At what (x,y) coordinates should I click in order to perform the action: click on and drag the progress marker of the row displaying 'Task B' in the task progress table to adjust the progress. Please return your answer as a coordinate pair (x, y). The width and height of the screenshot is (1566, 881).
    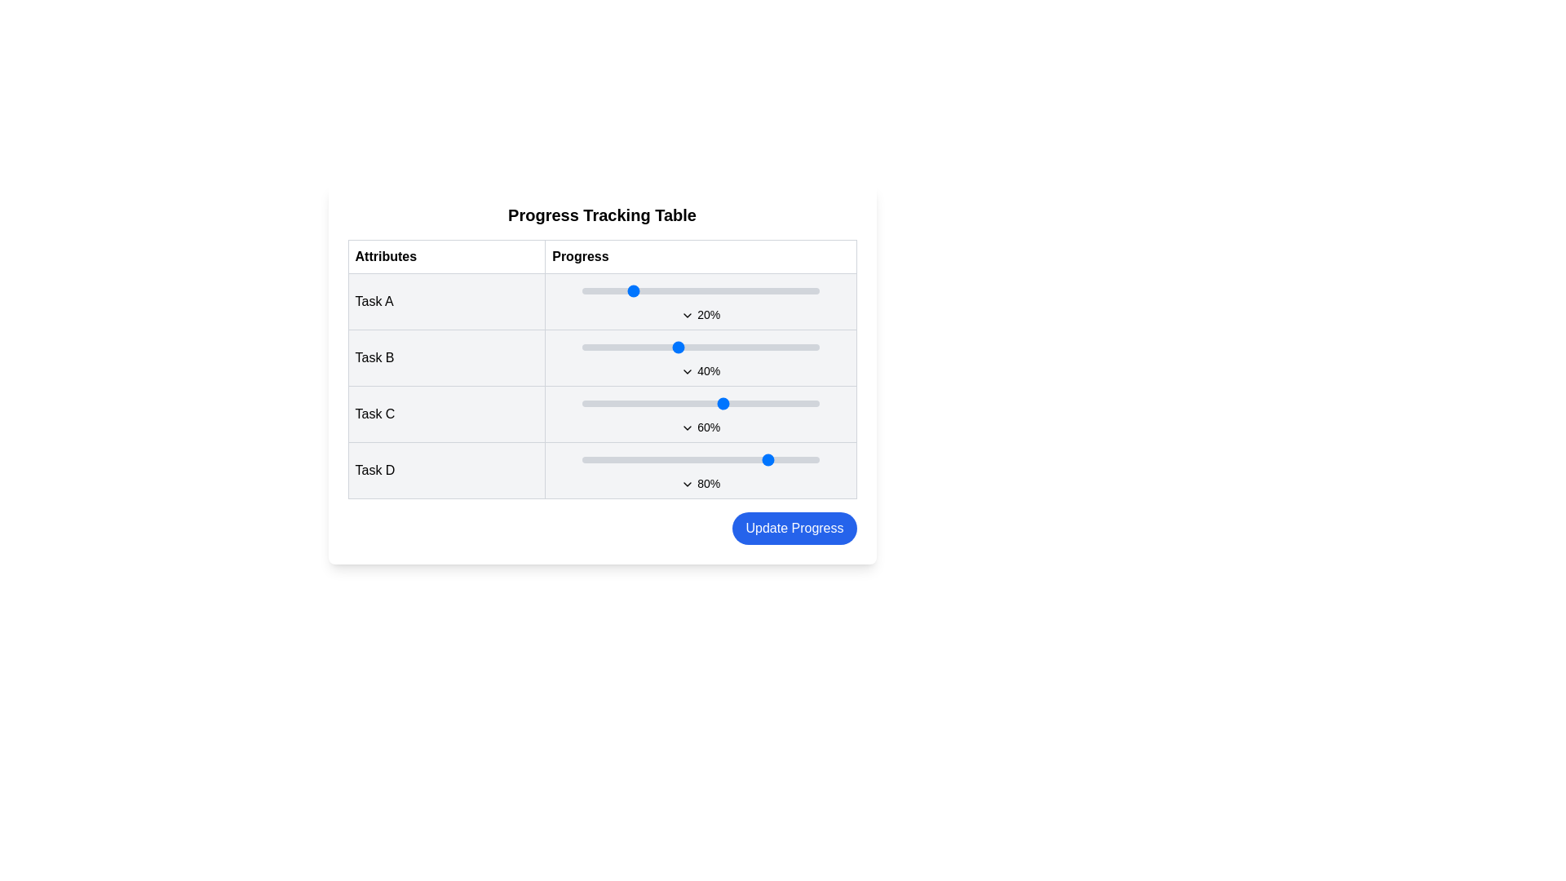
    Looking at the image, I should click on (601, 357).